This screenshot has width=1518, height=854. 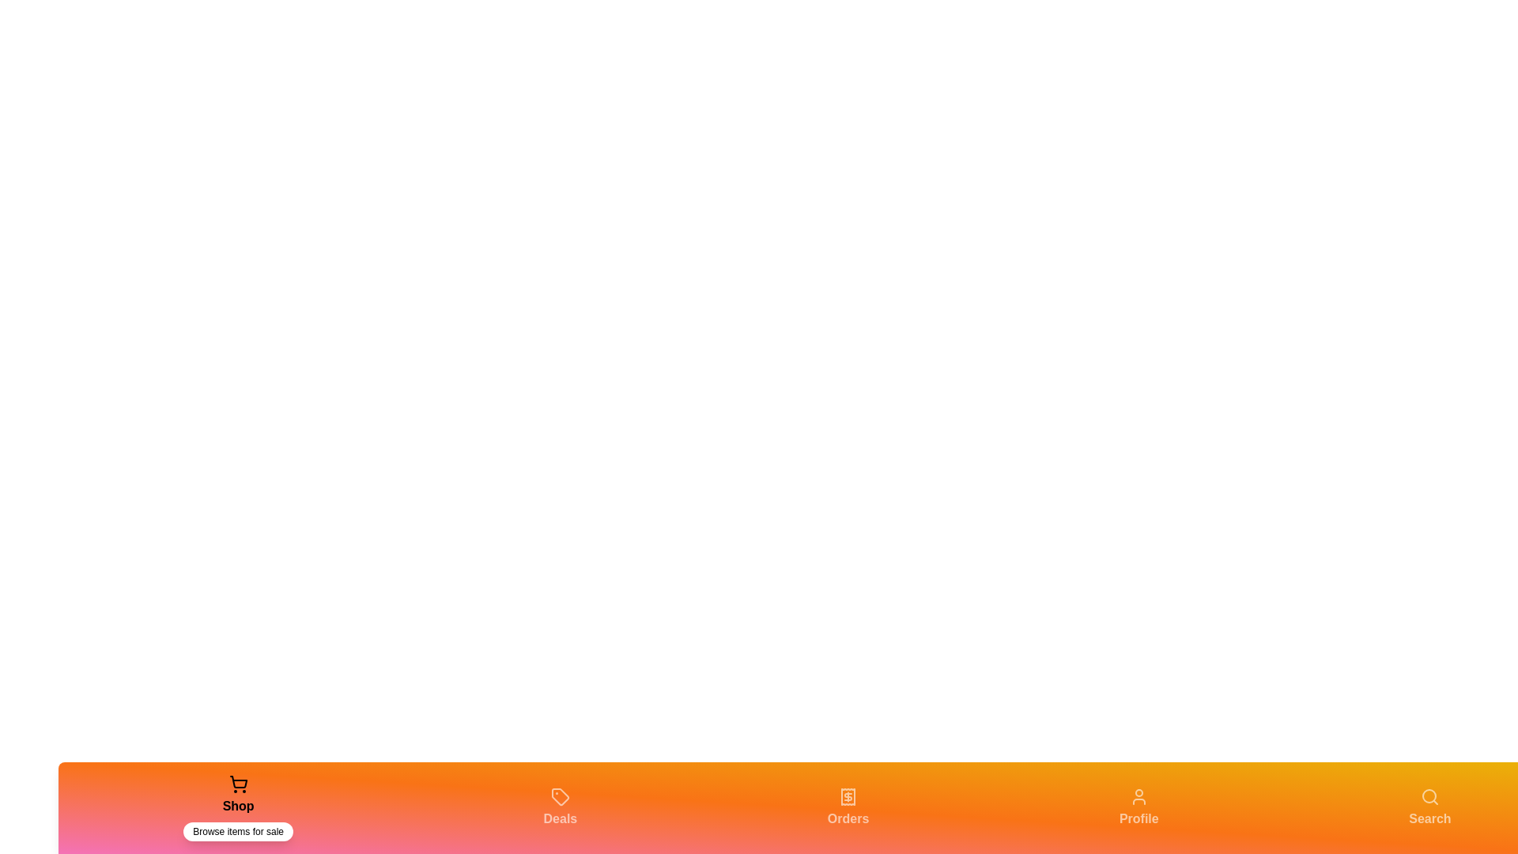 What do you see at coordinates (1430, 818) in the screenshot?
I see `the label of the tab Search` at bounding box center [1430, 818].